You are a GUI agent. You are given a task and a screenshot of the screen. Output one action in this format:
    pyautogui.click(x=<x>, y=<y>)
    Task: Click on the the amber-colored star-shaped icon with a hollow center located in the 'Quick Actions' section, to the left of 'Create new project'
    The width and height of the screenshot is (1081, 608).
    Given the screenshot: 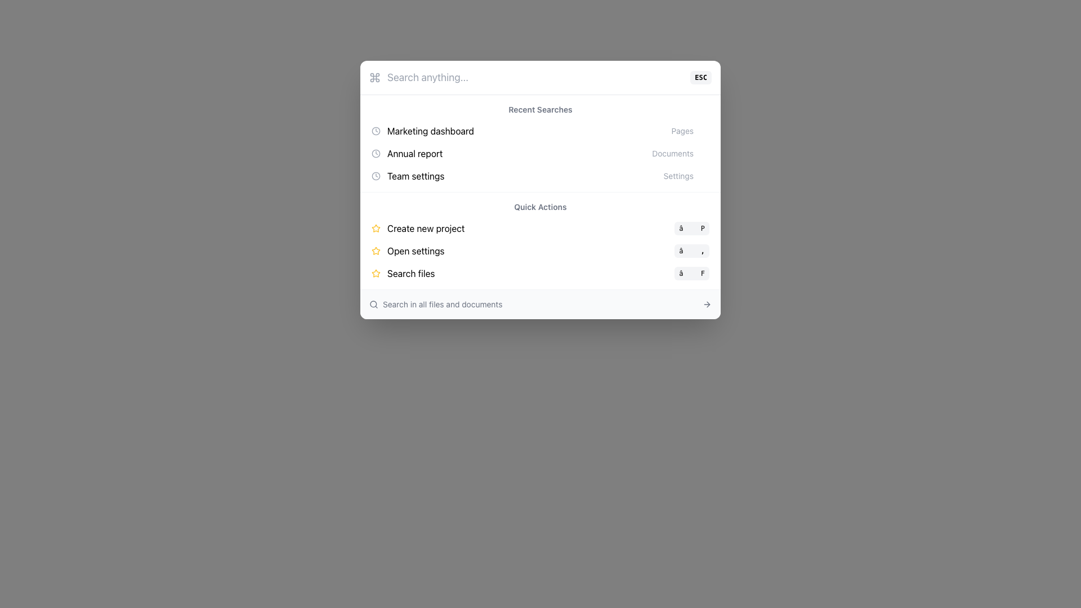 What is the action you would take?
    pyautogui.click(x=376, y=273)
    